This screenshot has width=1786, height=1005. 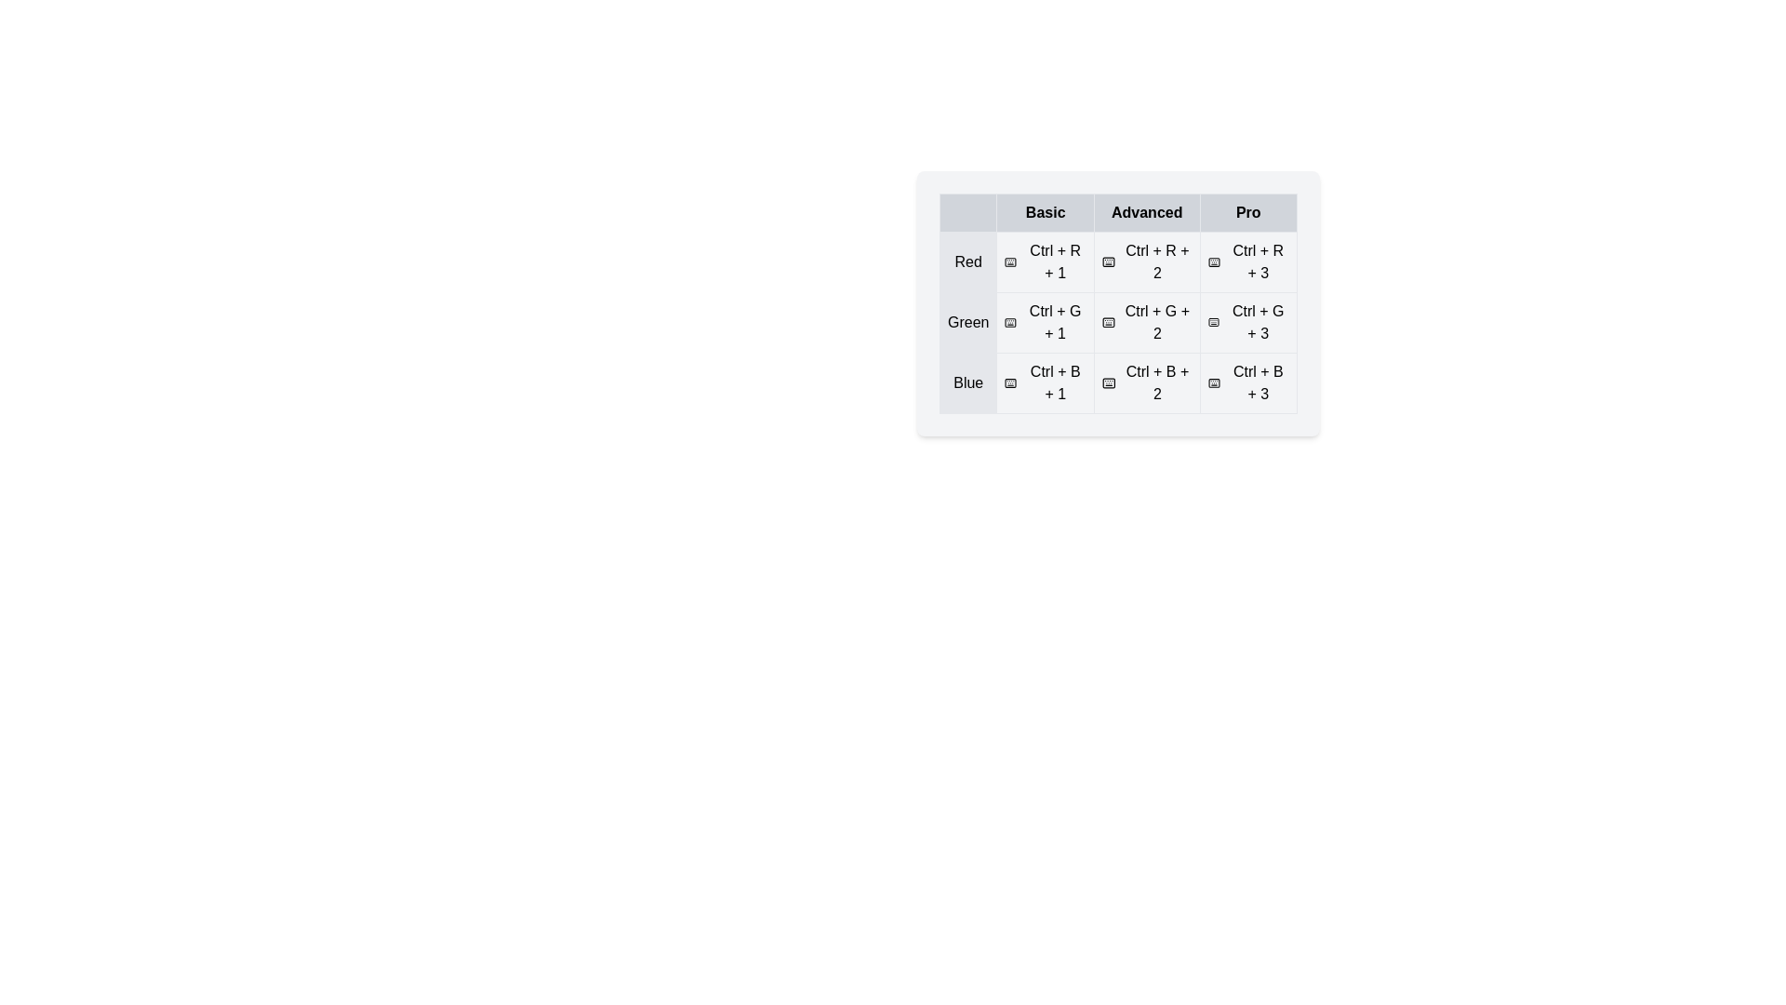 I want to click on the keyboard input icon located in the third column of the second row of the table, which symbolizes the functionality associated with 'Ctrl + G + 3', so click(x=1214, y=322).